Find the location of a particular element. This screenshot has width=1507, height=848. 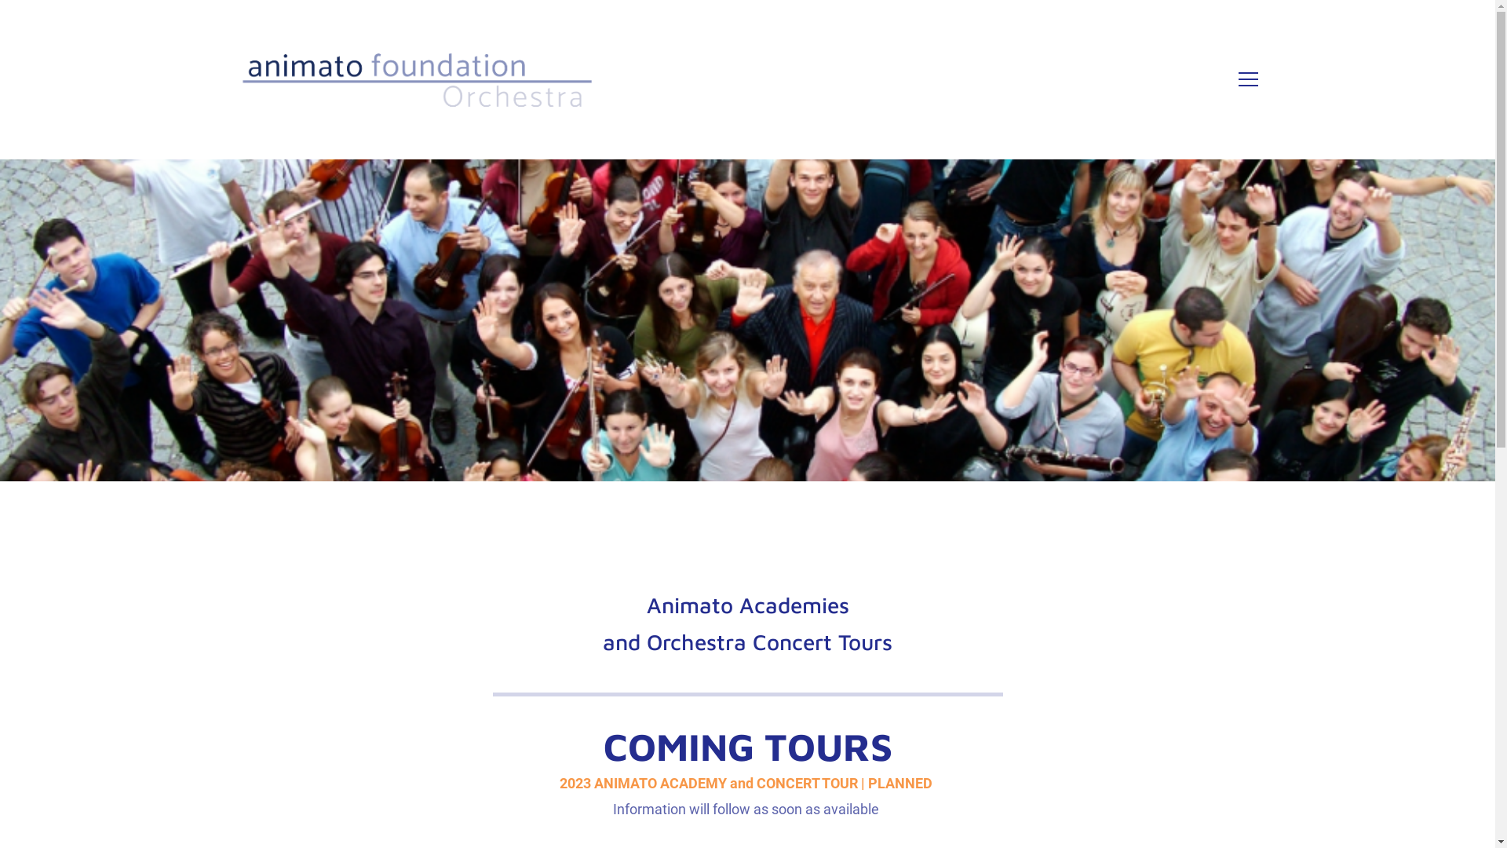

'Menu' is located at coordinates (1247, 79).